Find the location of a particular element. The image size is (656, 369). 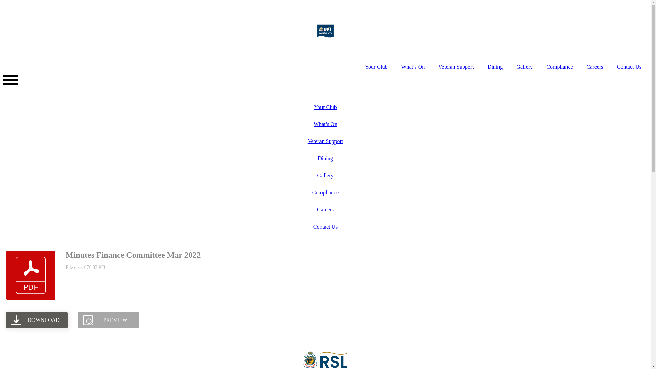

'Careers' is located at coordinates (325, 209).